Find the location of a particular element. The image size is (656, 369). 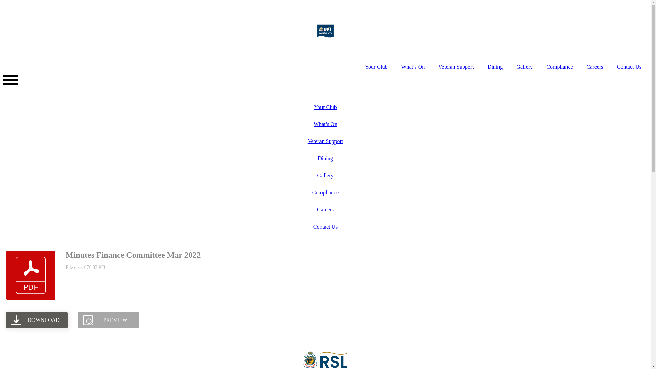

'Careers' is located at coordinates (325, 209).